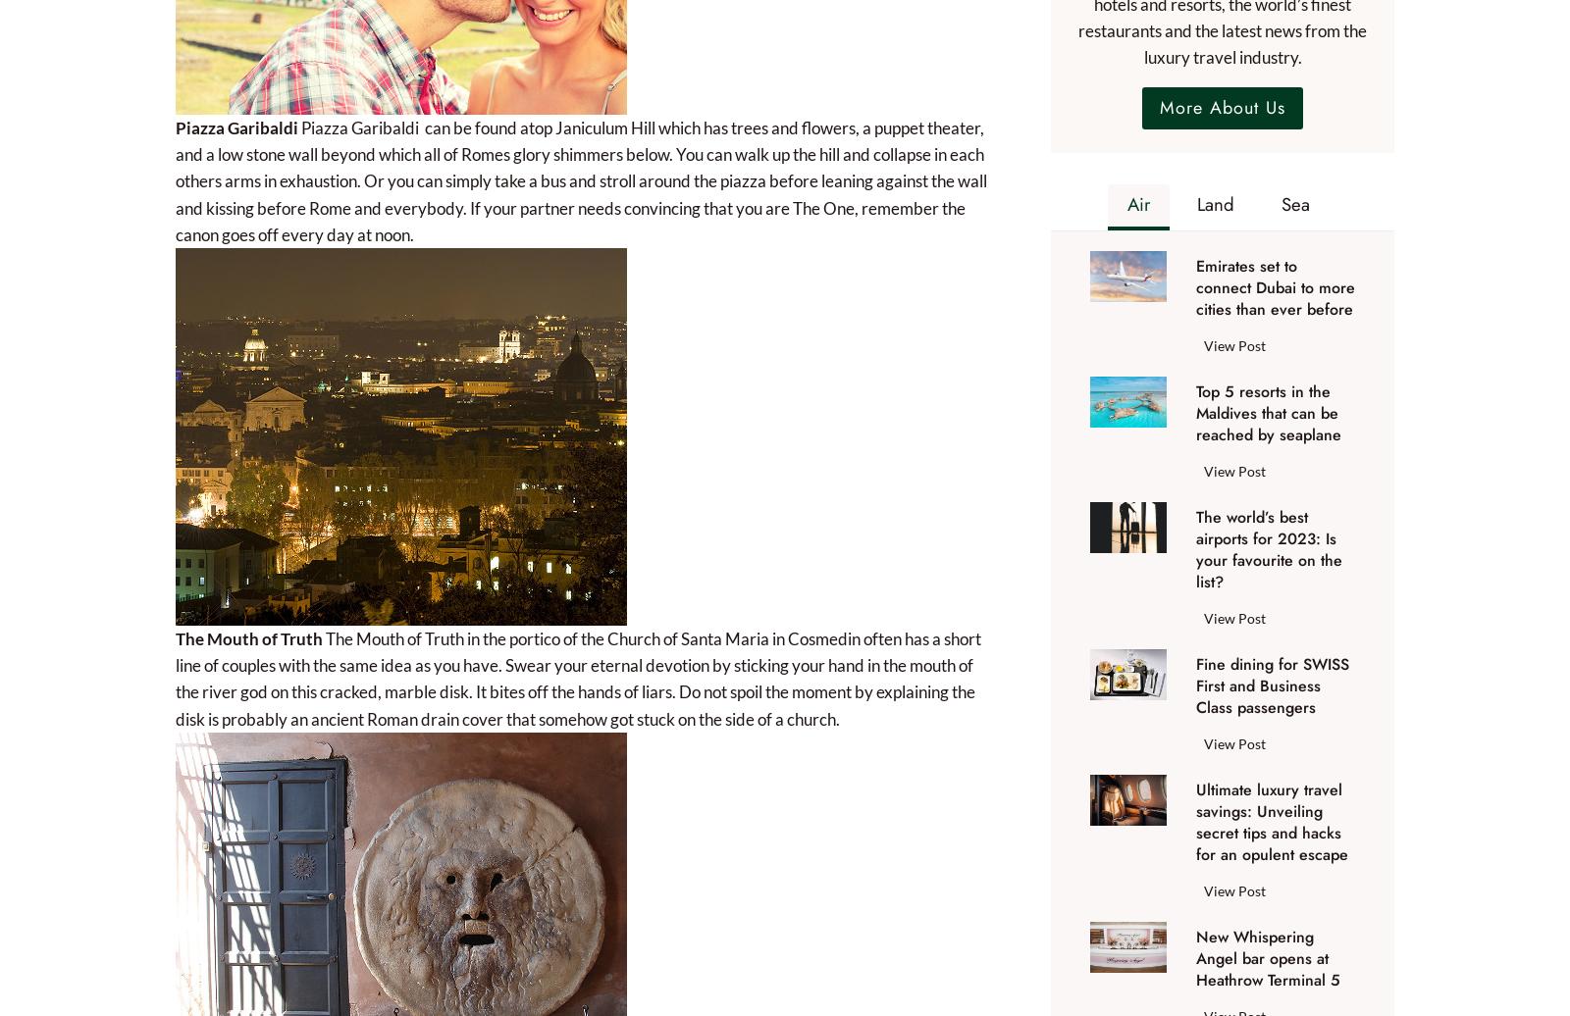  What do you see at coordinates (1267, 957) in the screenshot?
I see `'New Whispering Angel bar opens at Heathrow Terminal 5'` at bounding box center [1267, 957].